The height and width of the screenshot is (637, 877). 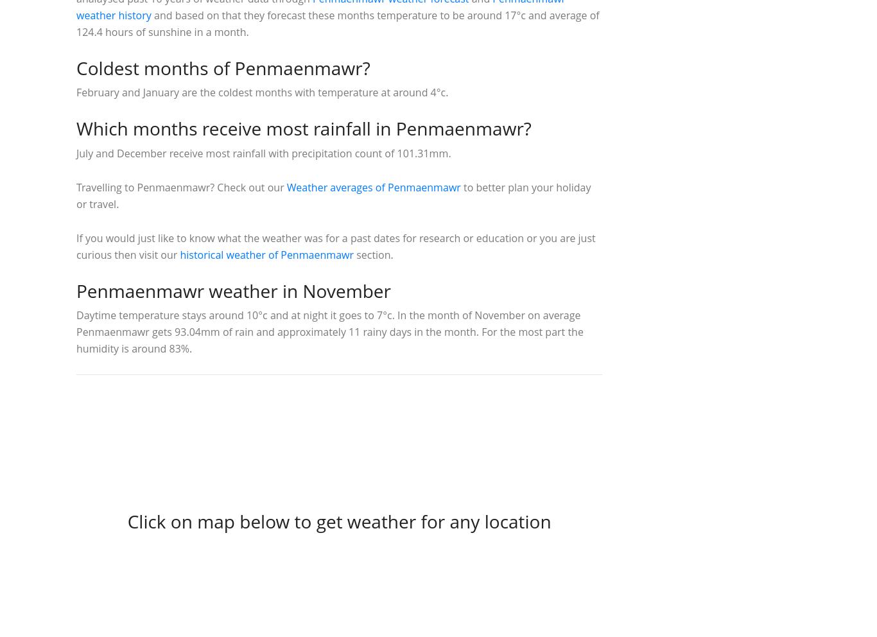 What do you see at coordinates (261, 92) in the screenshot?
I see `'February and January are the coldest months with temperature at around 4°c.'` at bounding box center [261, 92].